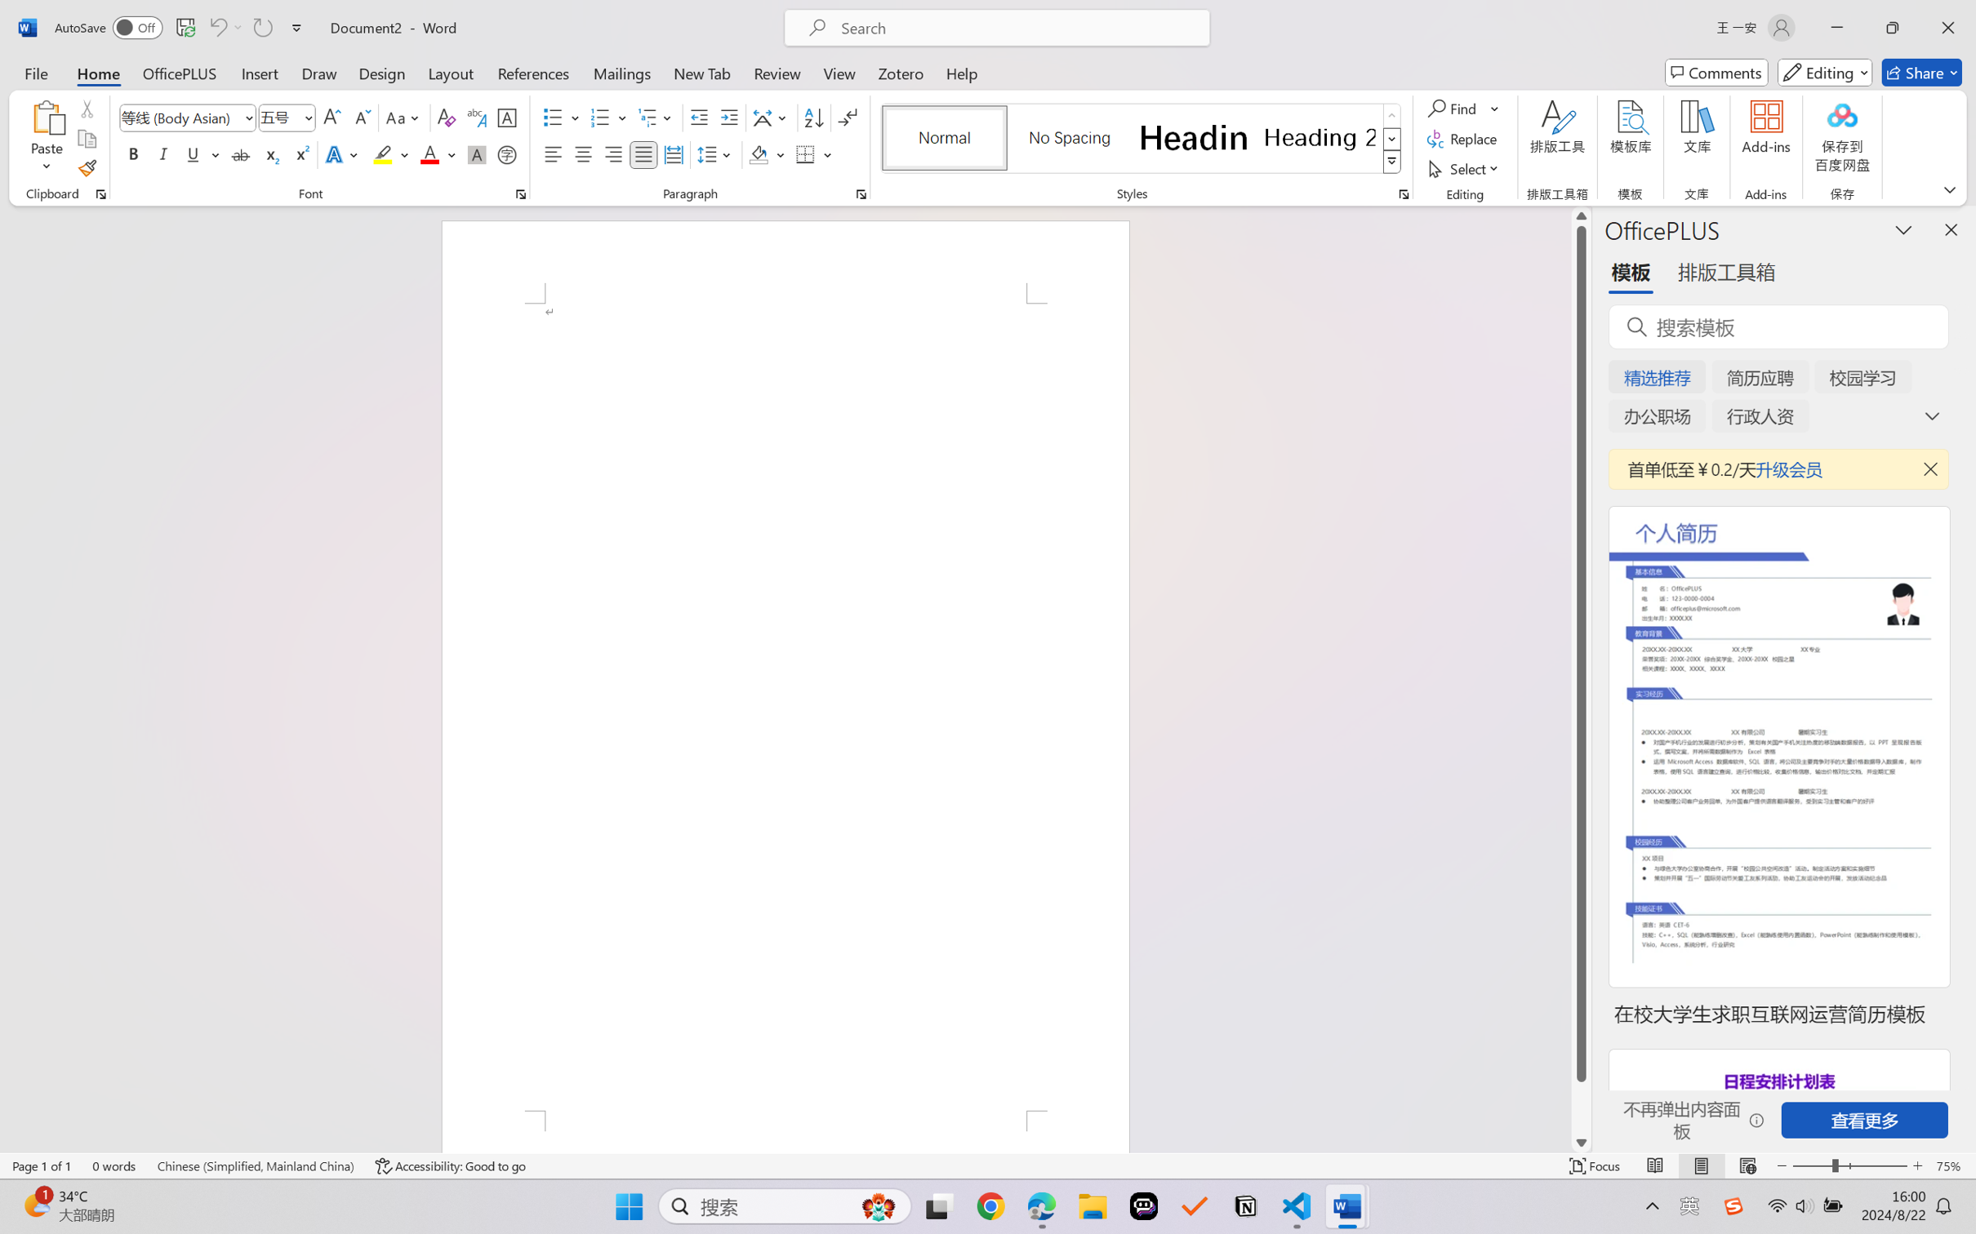  I want to click on 'Line down', so click(1581, 1142).